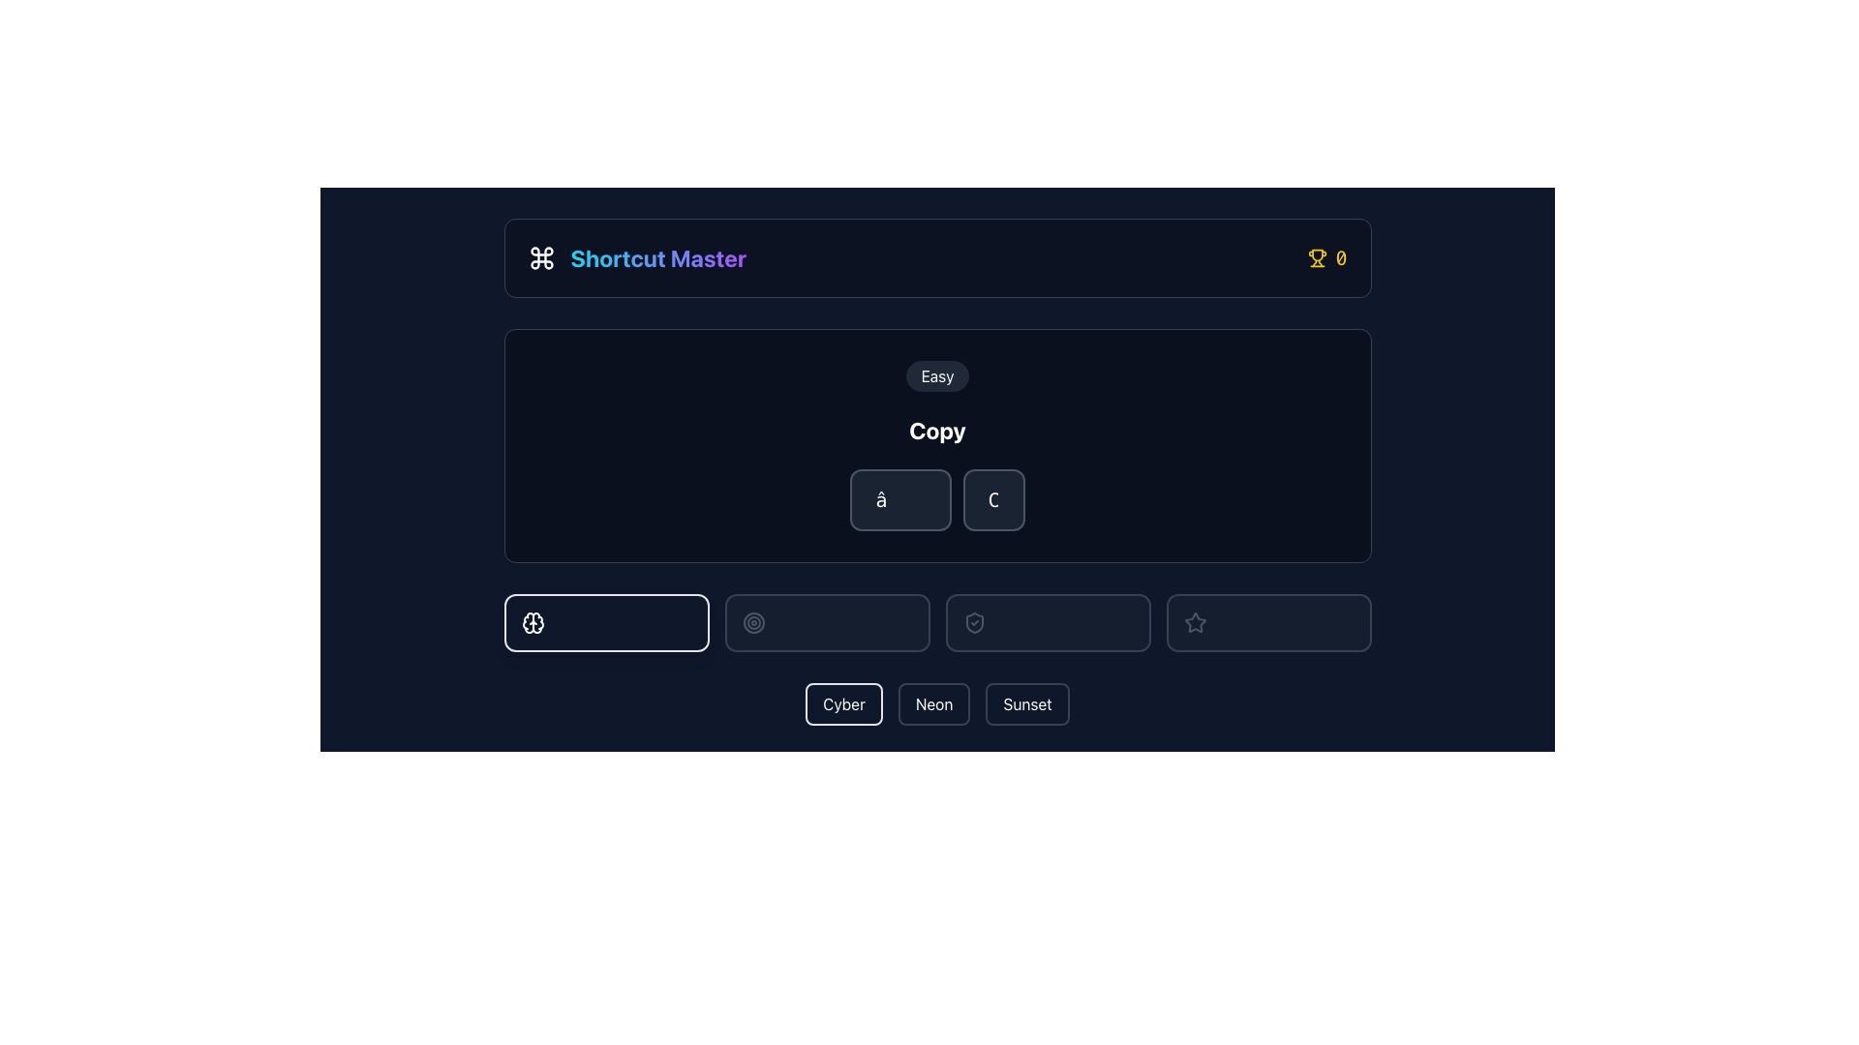  Describe the element at coordinates (937, 376) in the screenshot. I see `the text label that displays the word 'Easy' in cyan color, which is located inside a rounded rectangular badge with a dark gray background, situated near the top-center of the interface` at that location.